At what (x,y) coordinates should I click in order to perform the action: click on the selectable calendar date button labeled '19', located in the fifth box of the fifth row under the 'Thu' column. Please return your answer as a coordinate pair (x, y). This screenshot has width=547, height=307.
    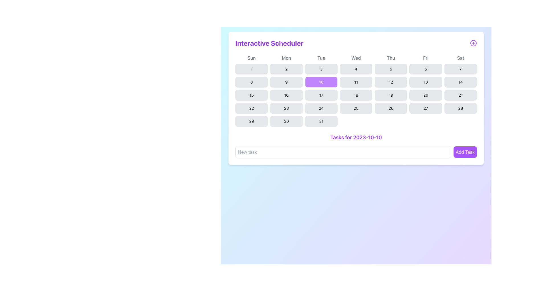
    Looking at the image, I should click on (391, 95).